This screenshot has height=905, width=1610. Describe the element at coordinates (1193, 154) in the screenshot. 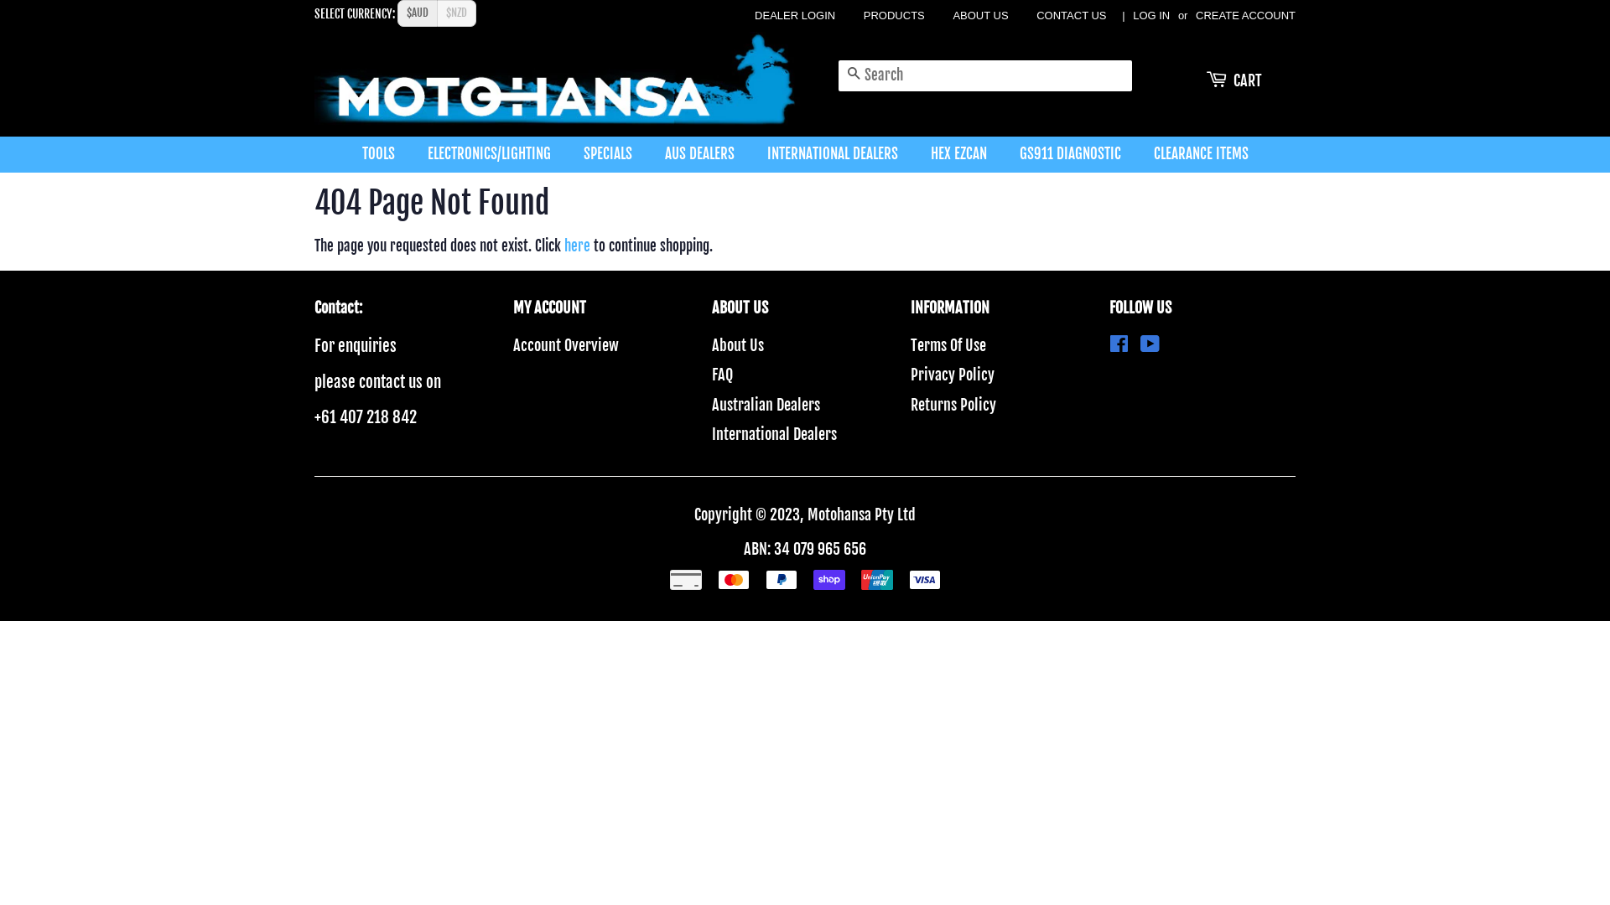

I see `'CLEARANCE ITEMS'` at that location.